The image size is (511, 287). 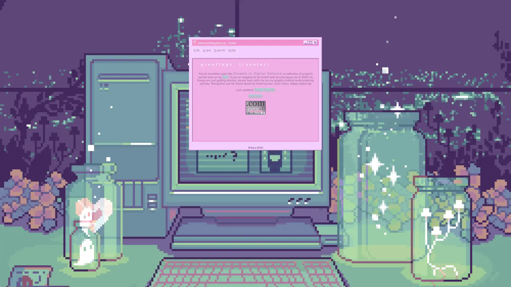 I want to click on Help, so click(x=232, y=50).